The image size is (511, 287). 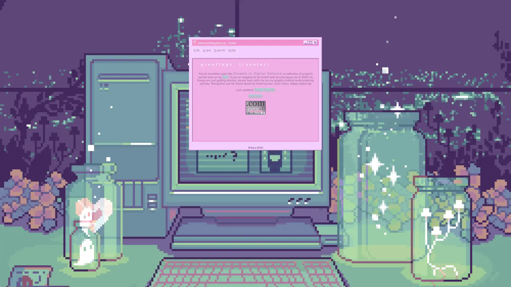 I want to click on Help, so click(x=232, y=50).